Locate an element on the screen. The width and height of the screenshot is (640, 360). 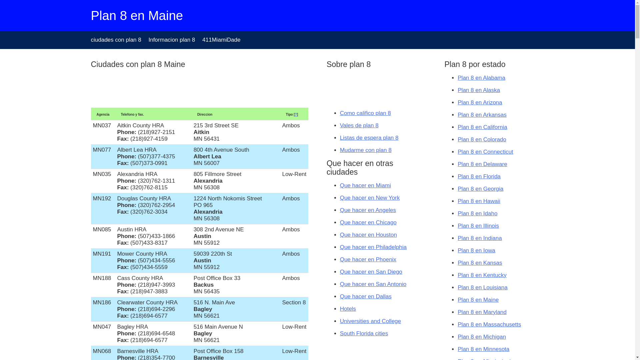
'Plan 8 en Iowa' is located at coordinates (476, 250).